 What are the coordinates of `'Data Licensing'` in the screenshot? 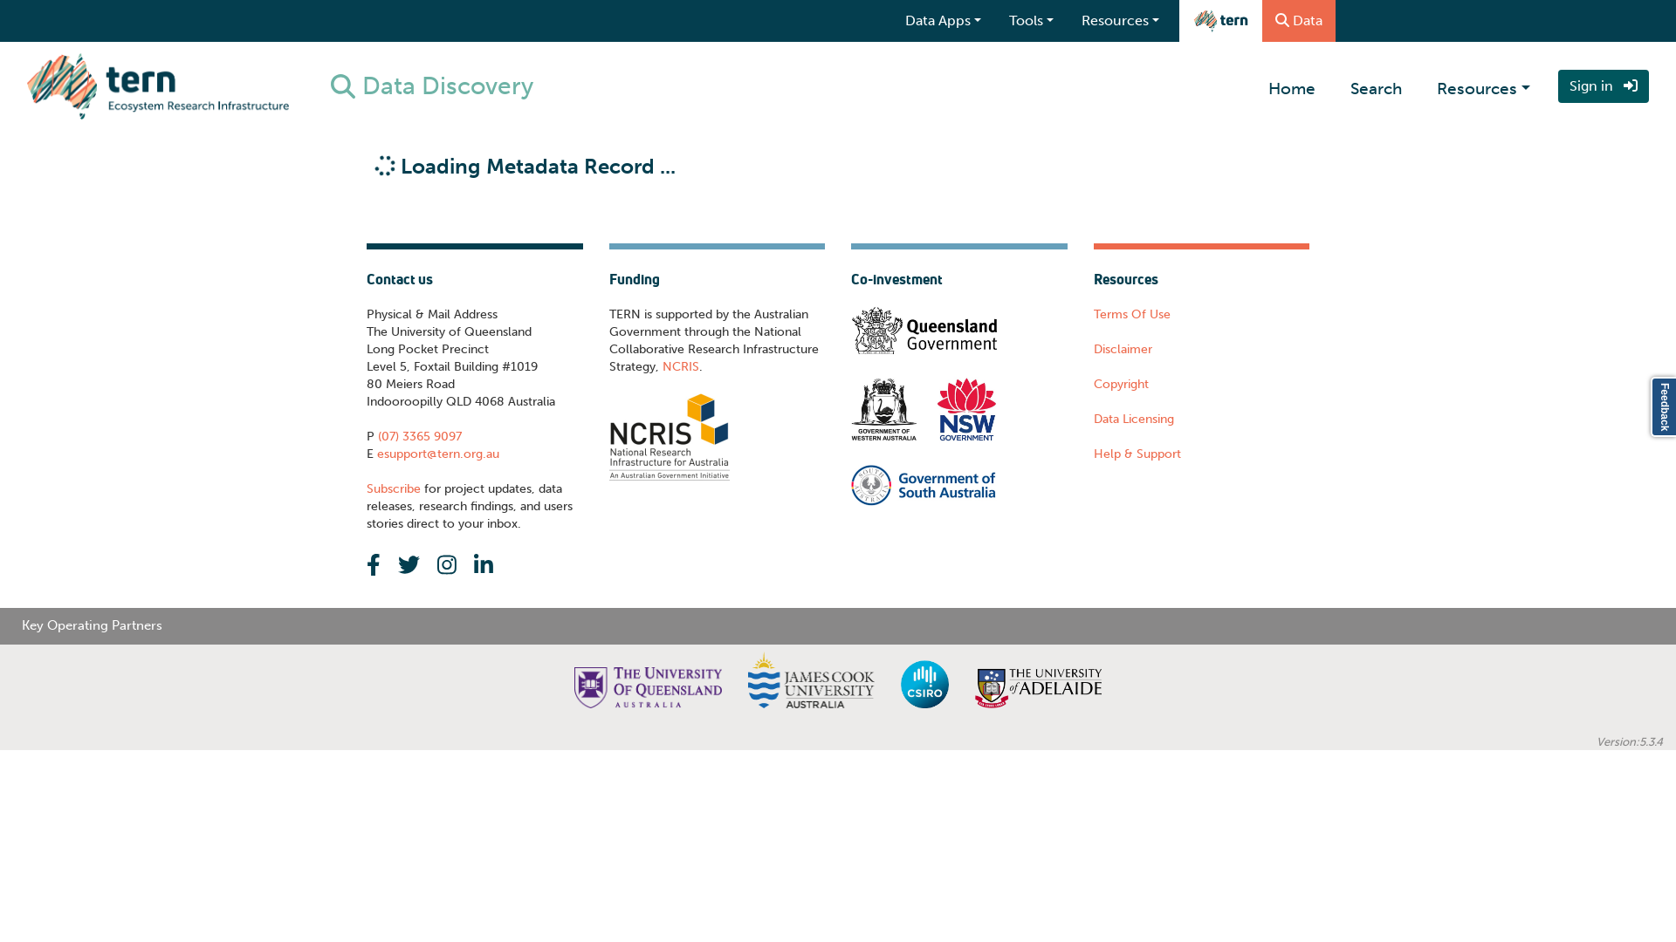 It's located at (1132, 419).